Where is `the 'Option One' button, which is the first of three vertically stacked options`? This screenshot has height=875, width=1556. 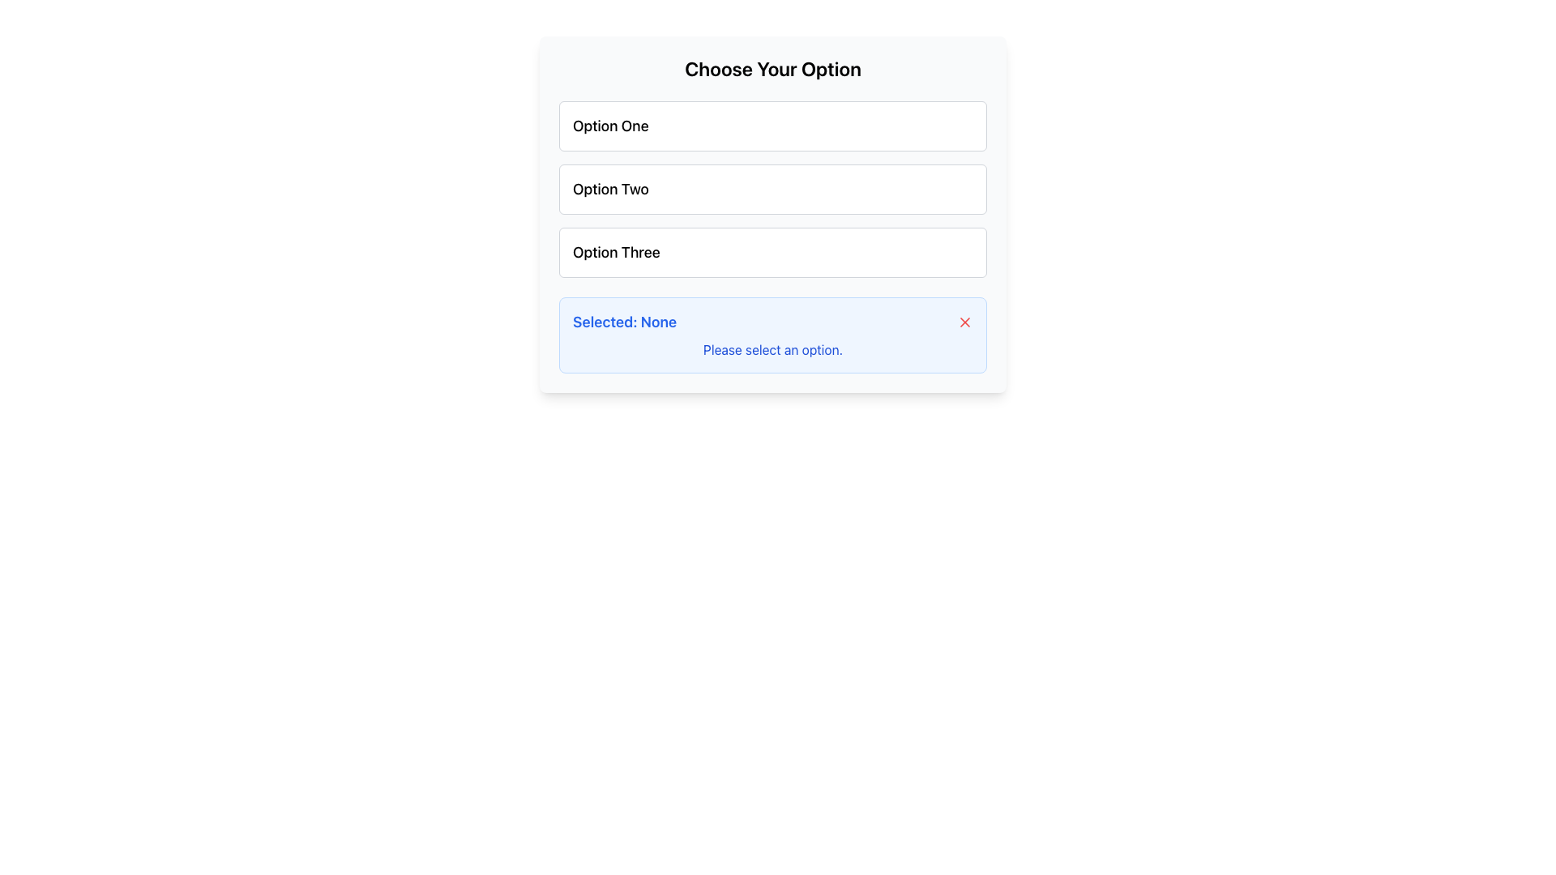 the 'Option One' button, which is the first of three vertically stacked options is located at coordinates (772, 125).